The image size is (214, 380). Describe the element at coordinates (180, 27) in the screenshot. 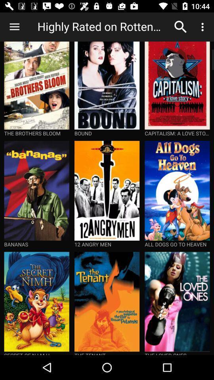

I see `the icon to the right of the highly rated on item` at that location.